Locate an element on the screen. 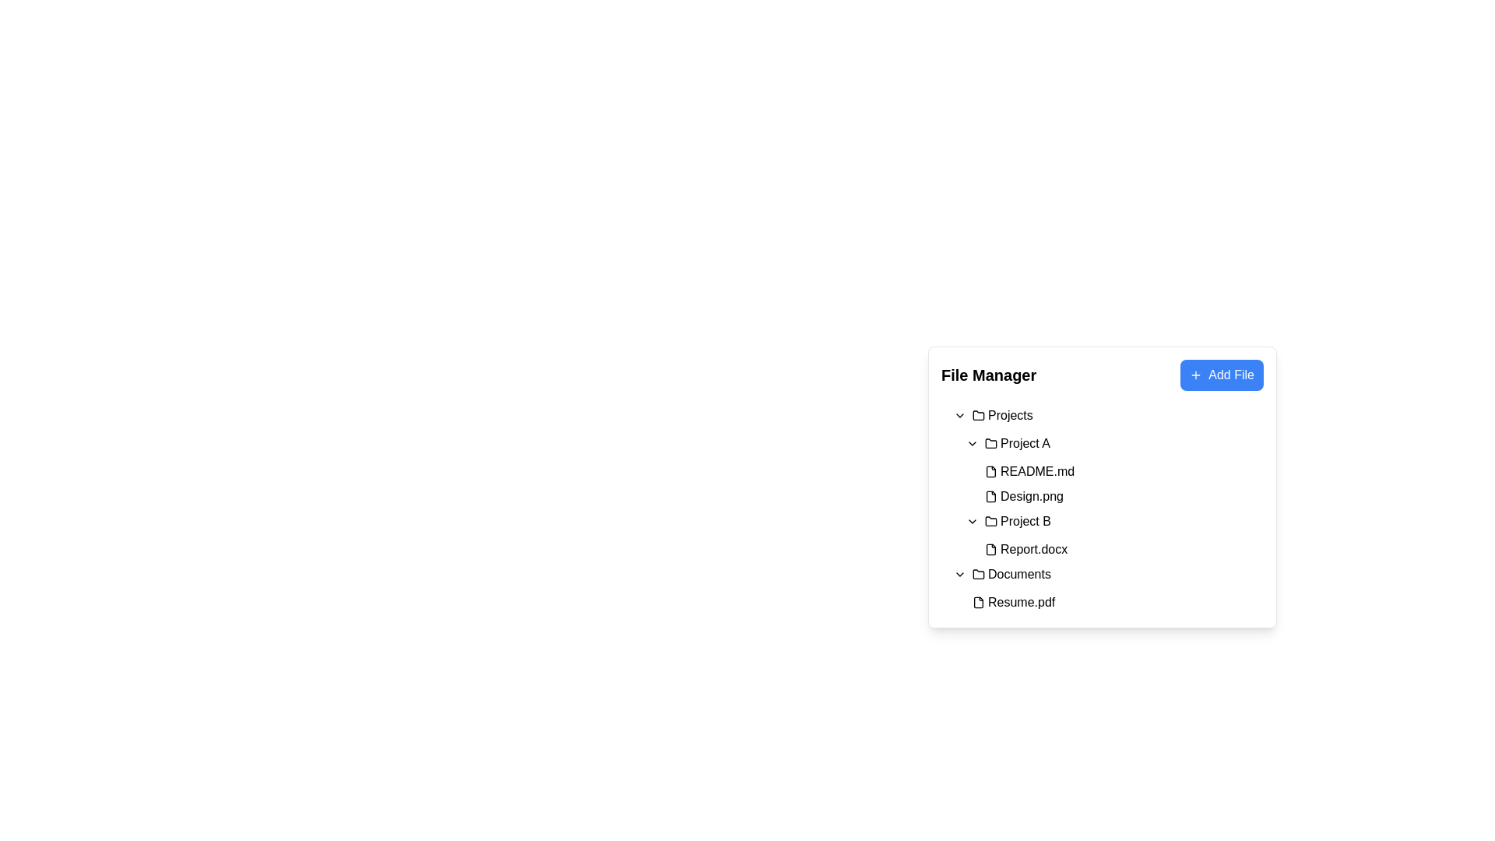  the 'README.md' text label with associated icon located is located at coordinates (1029, 470).